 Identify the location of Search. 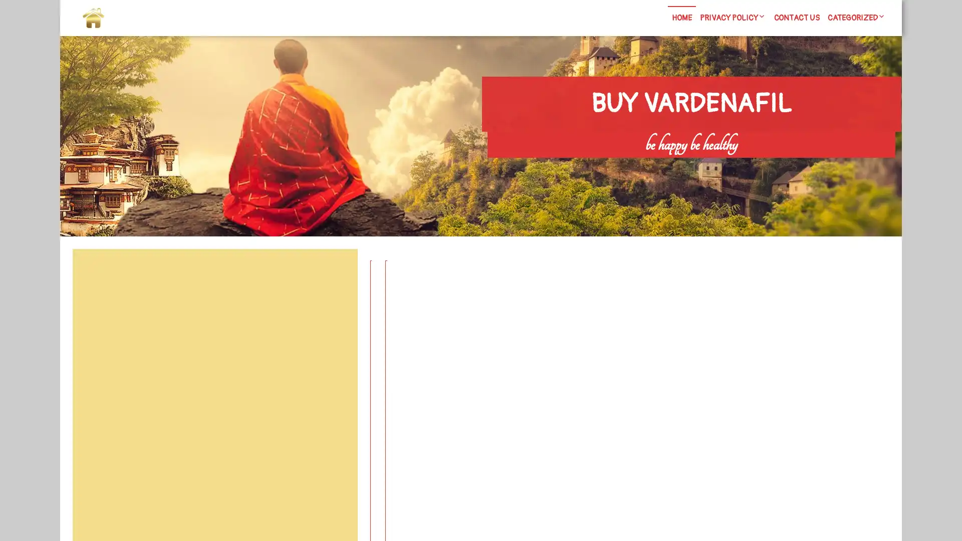
(780, 164).